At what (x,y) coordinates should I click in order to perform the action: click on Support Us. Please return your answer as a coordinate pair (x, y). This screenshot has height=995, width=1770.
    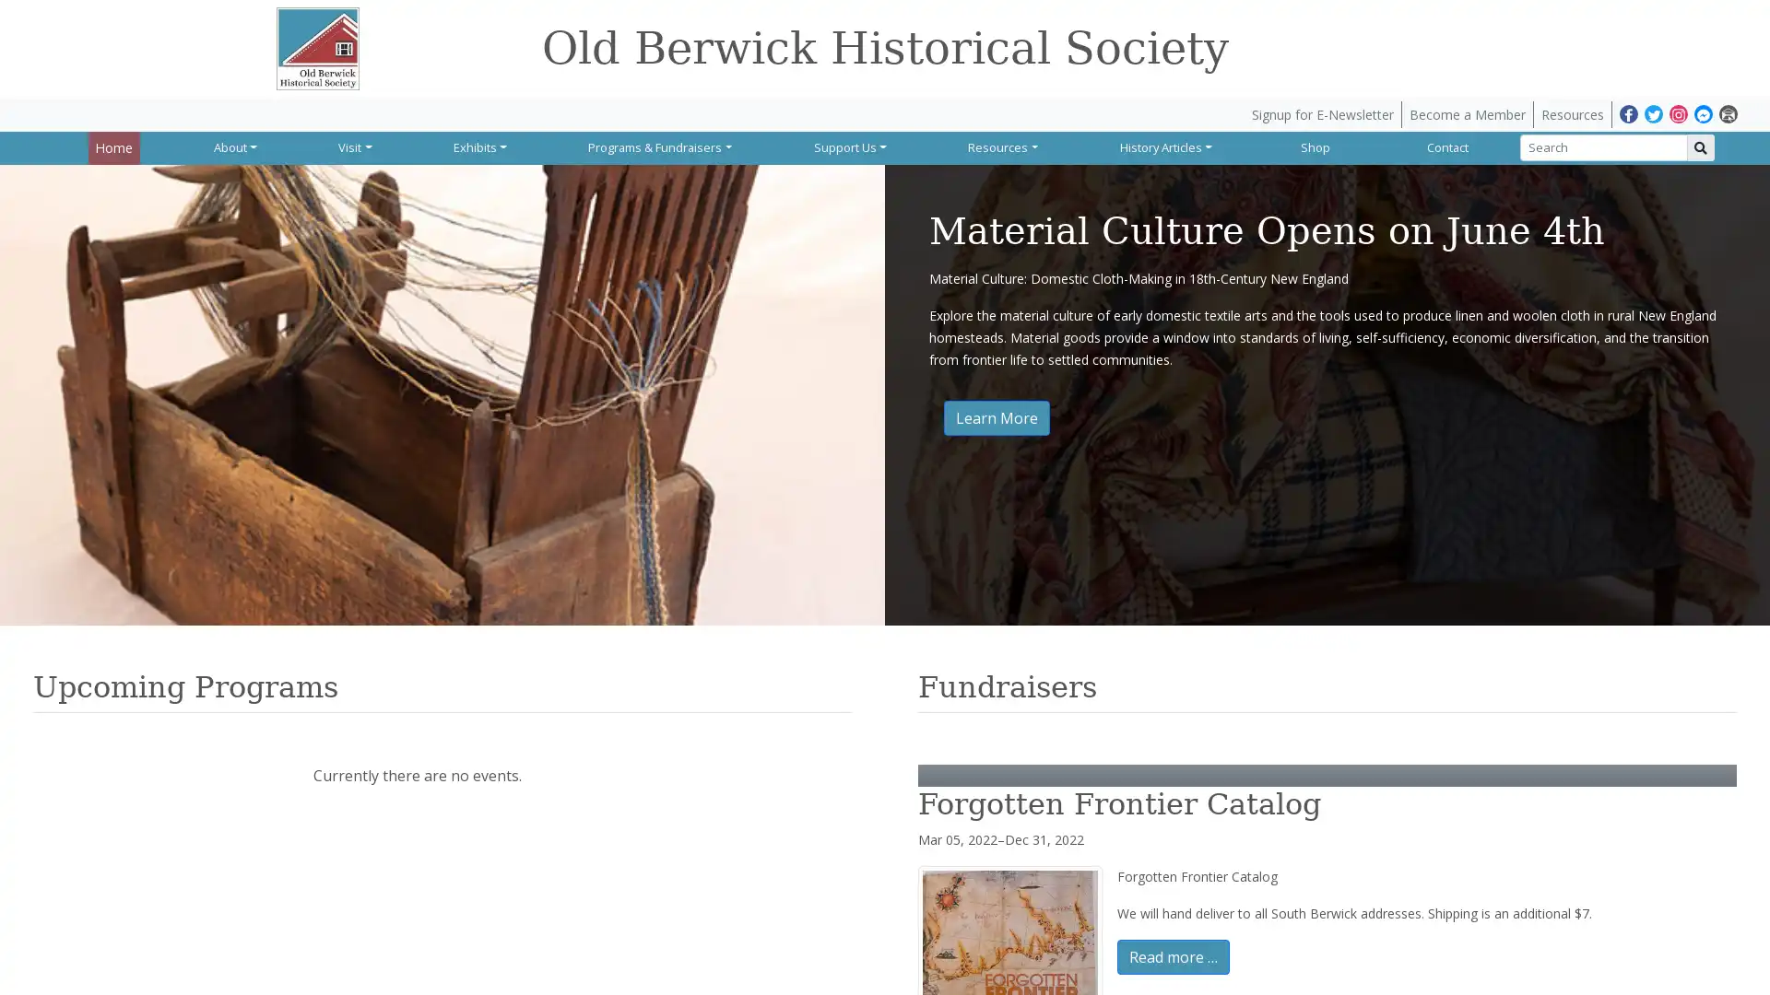
    Looking at the image, I should click on (848, 146).